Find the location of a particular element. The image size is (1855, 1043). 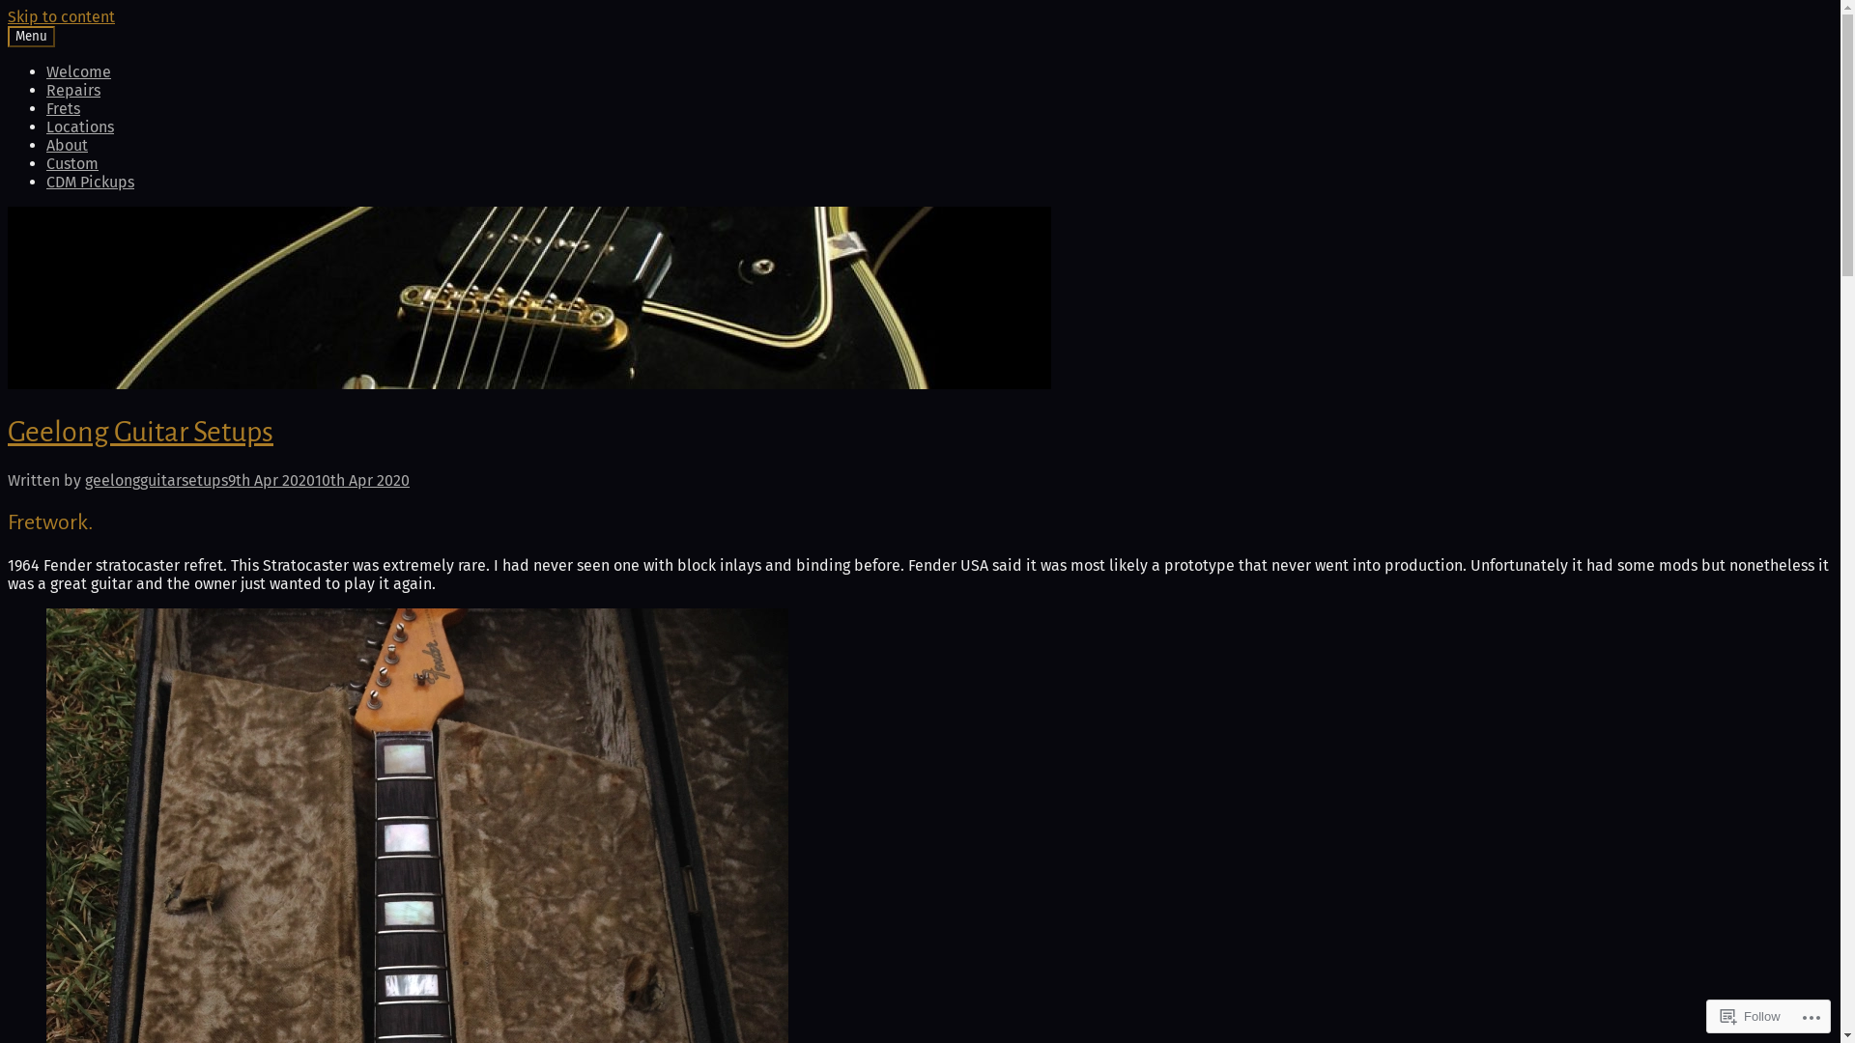

'CDM Pickups' is located at coordinates (89, 182).